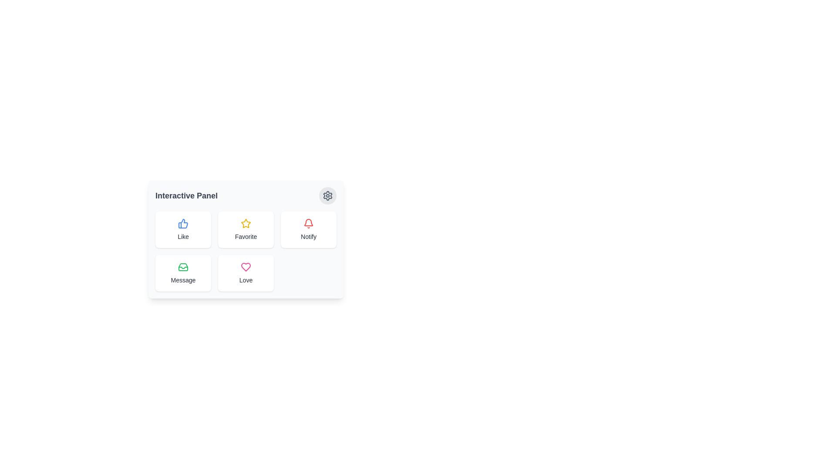  I want to click on the 'Love' button, which is a vertically aligned box with a white background, rounded corners, a pink heart icon, and small gray text below it, so click(246, 273).